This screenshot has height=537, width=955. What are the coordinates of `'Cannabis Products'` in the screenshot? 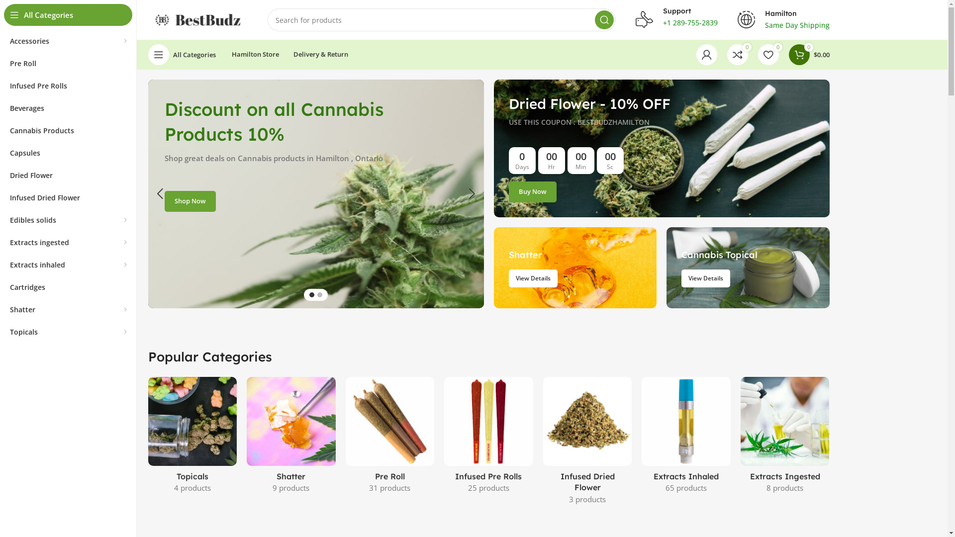 It's located at (68, 130).